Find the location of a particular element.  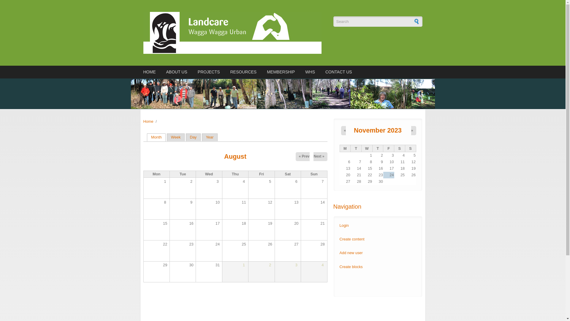

'Week' is located at coordinates (166, 137).